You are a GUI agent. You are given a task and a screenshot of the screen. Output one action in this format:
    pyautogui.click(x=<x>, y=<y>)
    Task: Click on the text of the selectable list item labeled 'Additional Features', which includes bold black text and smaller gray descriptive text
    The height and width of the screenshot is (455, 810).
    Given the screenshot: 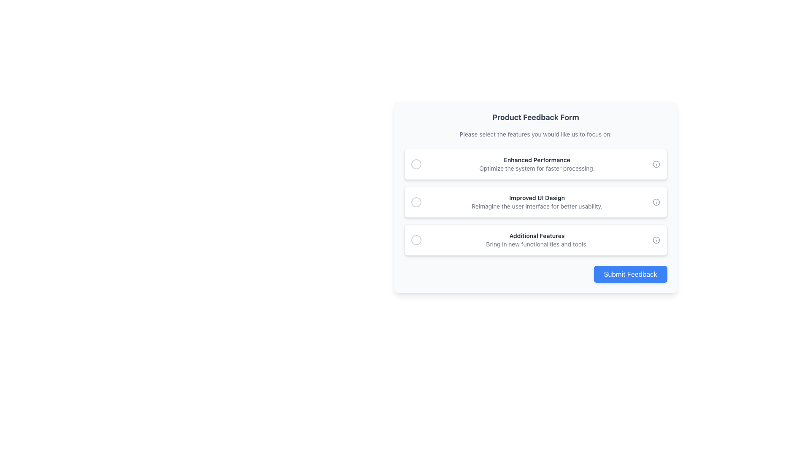 What is the action you would take?
    pyautogui.click(x=535, y=240)
    